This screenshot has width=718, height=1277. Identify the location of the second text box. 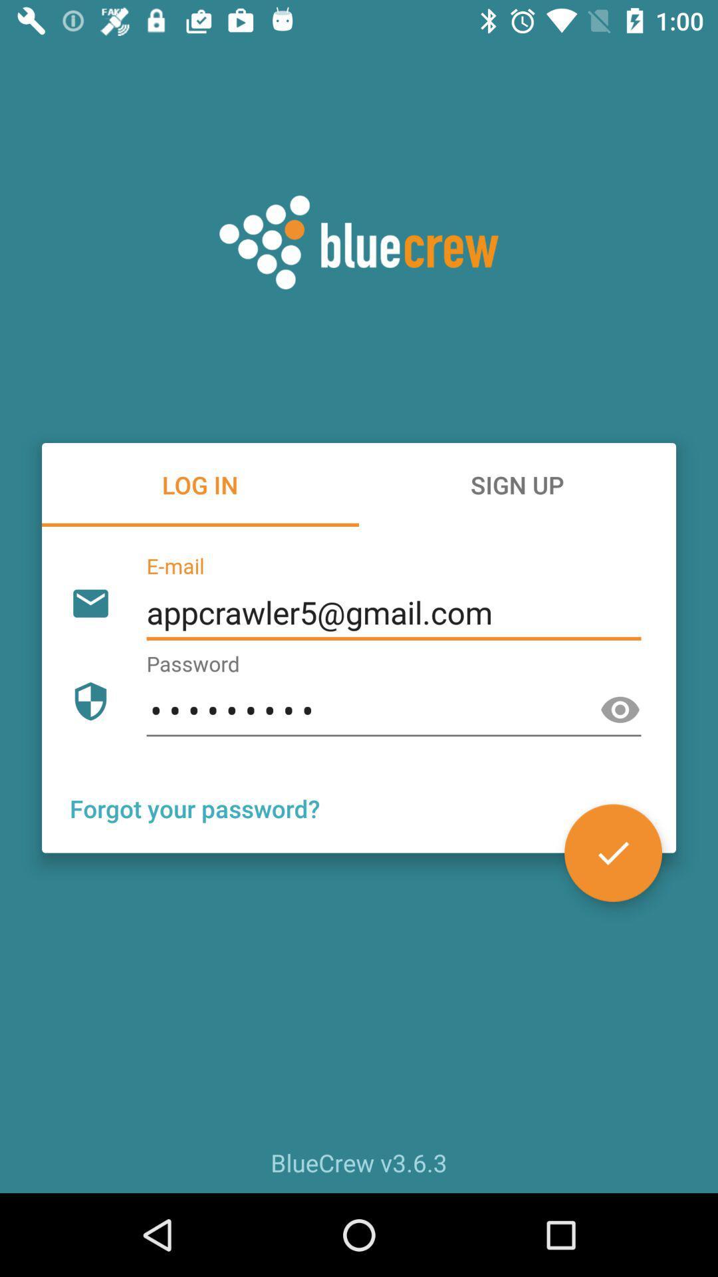
(393, 710).